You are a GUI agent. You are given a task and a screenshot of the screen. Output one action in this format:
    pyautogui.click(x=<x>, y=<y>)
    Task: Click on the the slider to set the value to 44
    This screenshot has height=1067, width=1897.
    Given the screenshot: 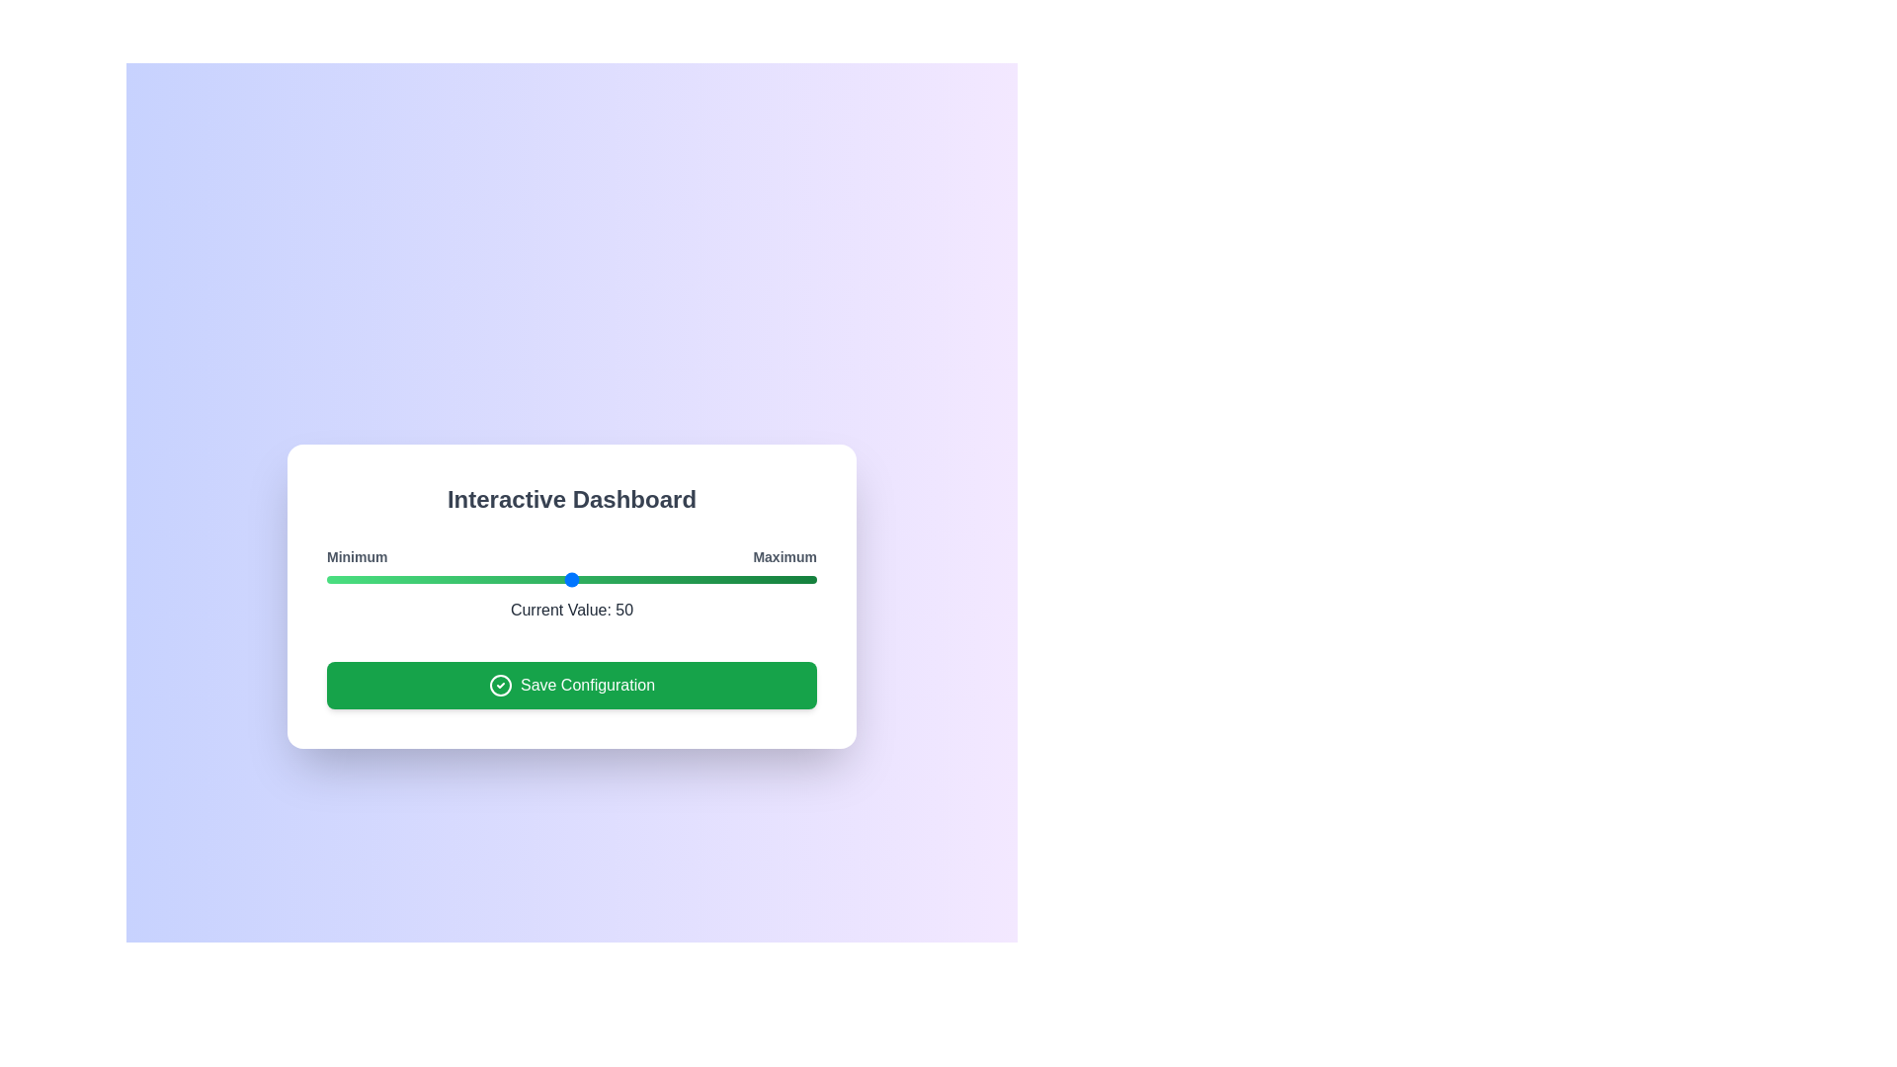 What is the action you would take?
    pyautogui.click(x=542, y=578)
    